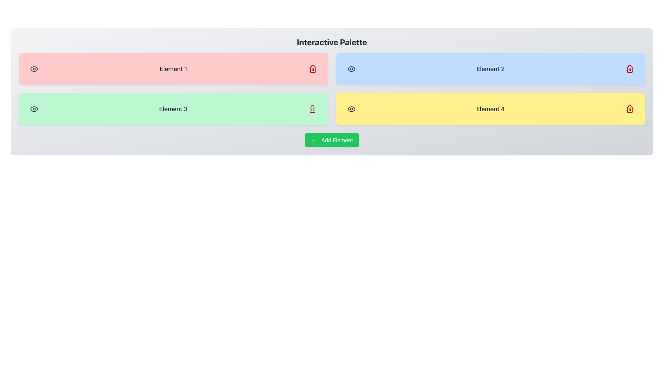 Image resolution: width=663 pixels, height=373 pixels. What do you see at coordinates (34, 109) in the screenshot?
I see `the eye-shaped icon within the green rectangular box labeled 'Element 3'` at bounding box center [34, 109].